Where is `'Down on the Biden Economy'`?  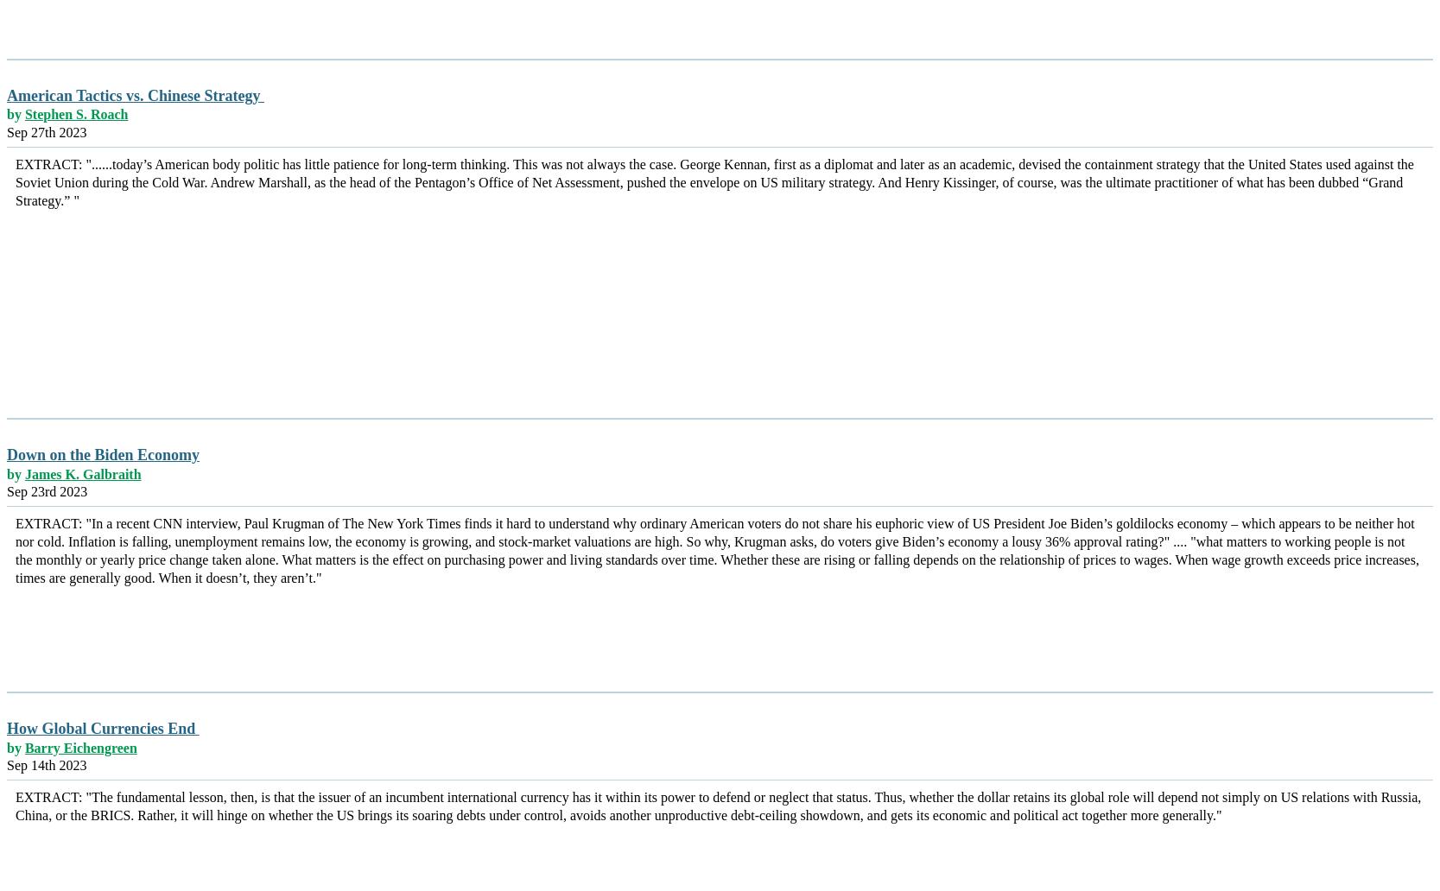
'Down on the Biden Economy' is located at coordinates (102, 455).